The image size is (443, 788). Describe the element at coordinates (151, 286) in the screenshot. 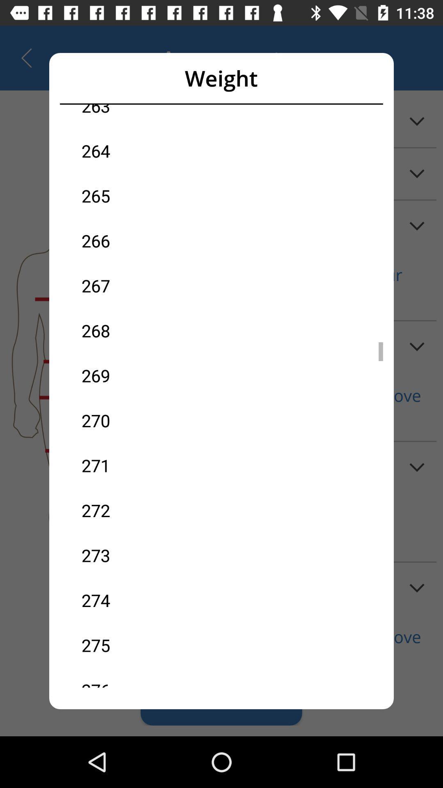

I see `item below 266 item` at that location.